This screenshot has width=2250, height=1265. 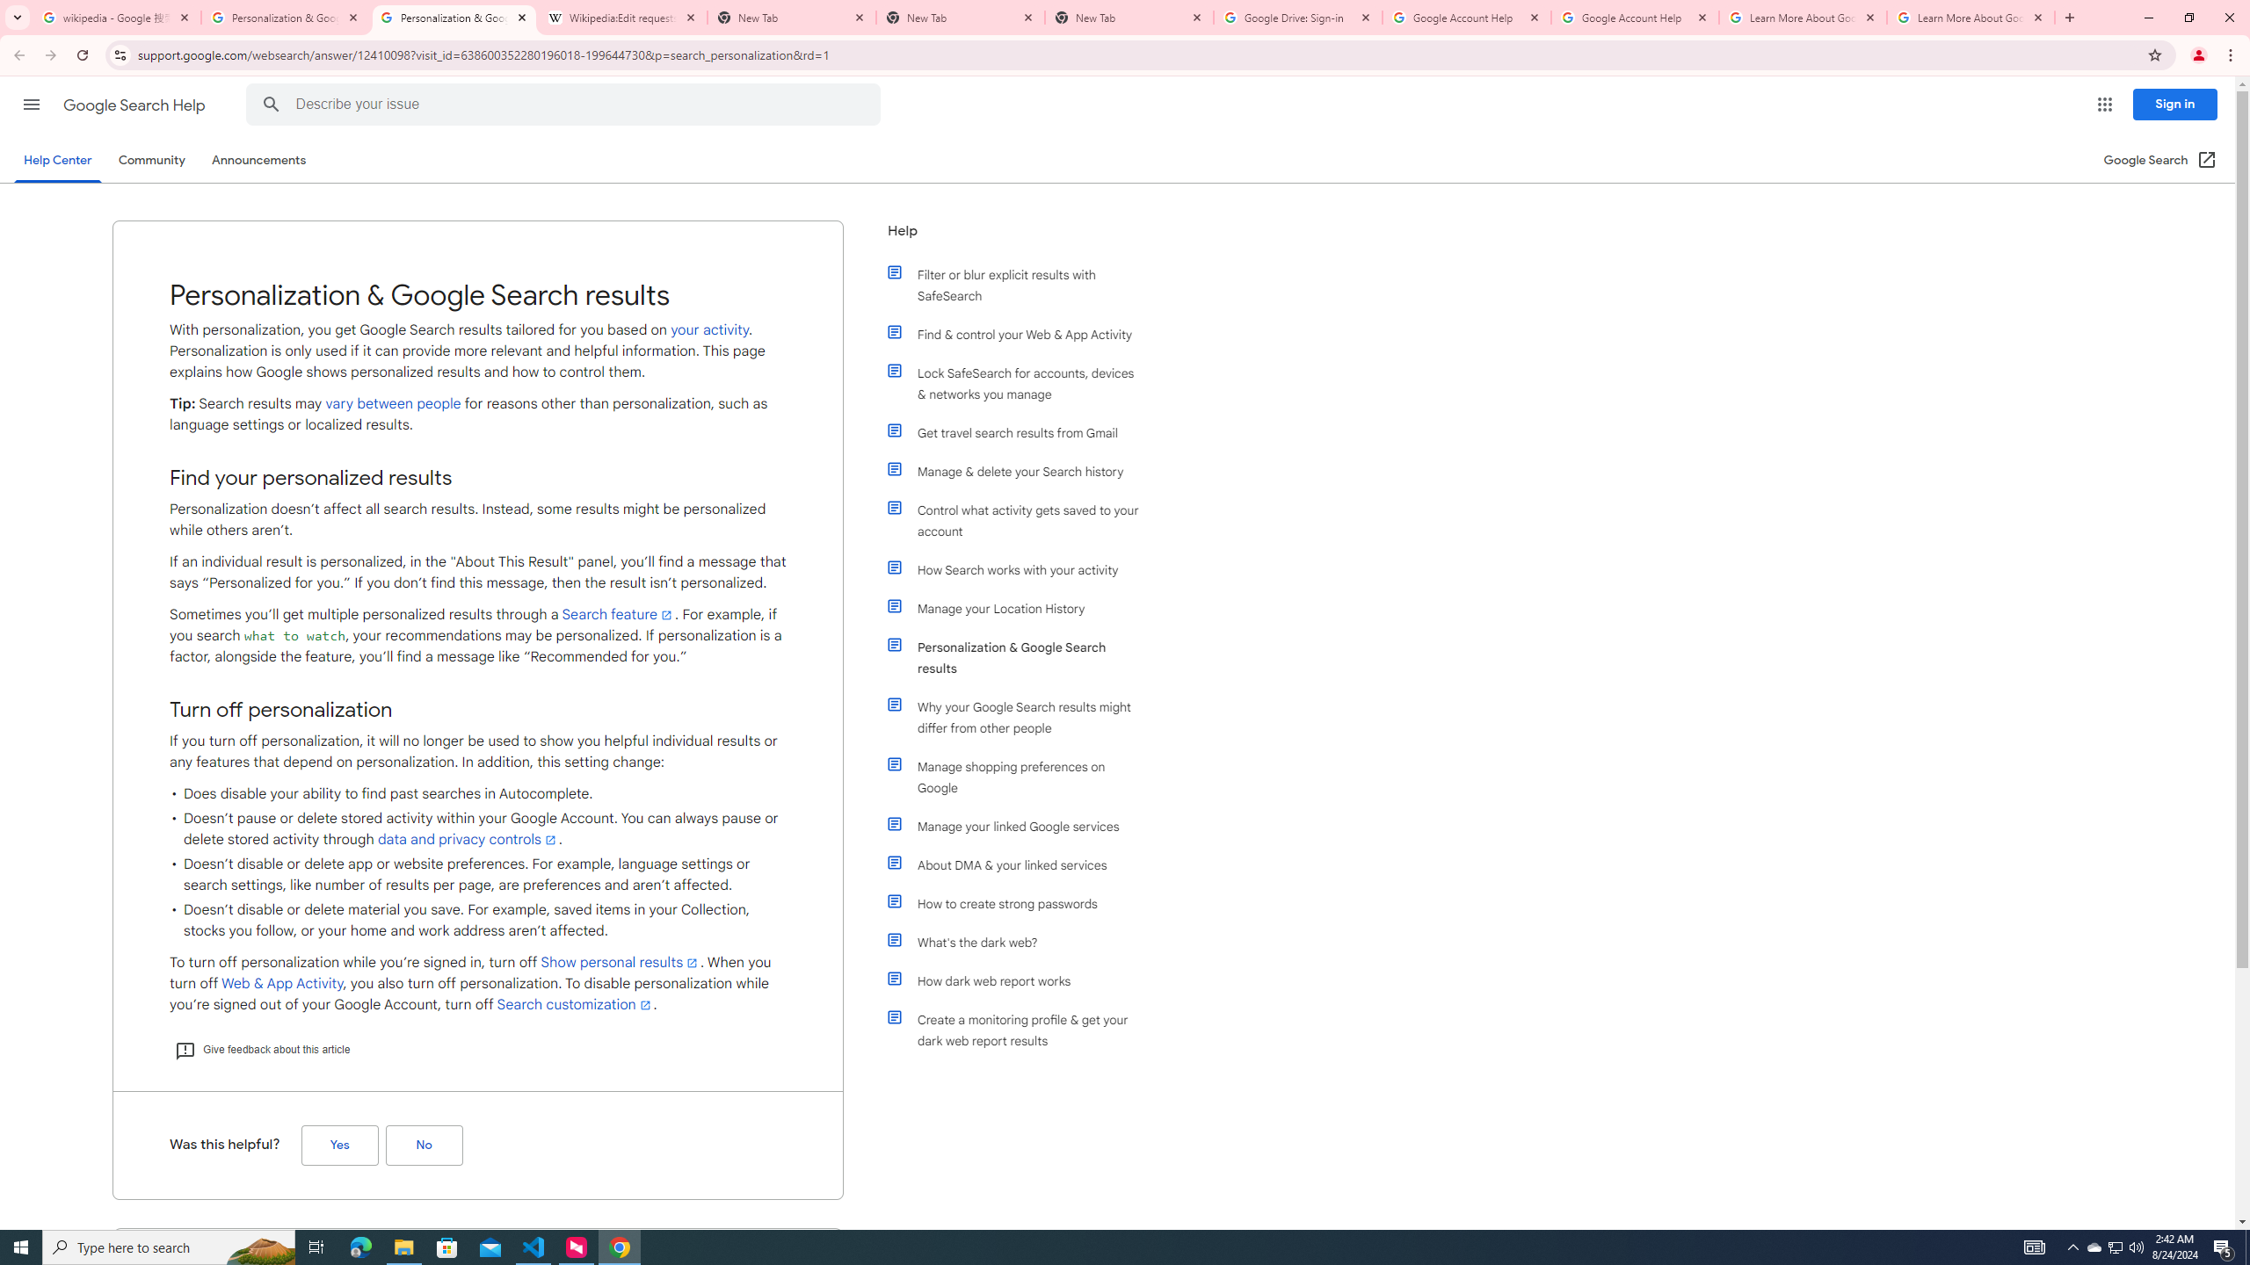 What do you see at coordinates (467, 839) in the screenshot?
I see `'data and privacy controls'` at bounding box center [467, 839].